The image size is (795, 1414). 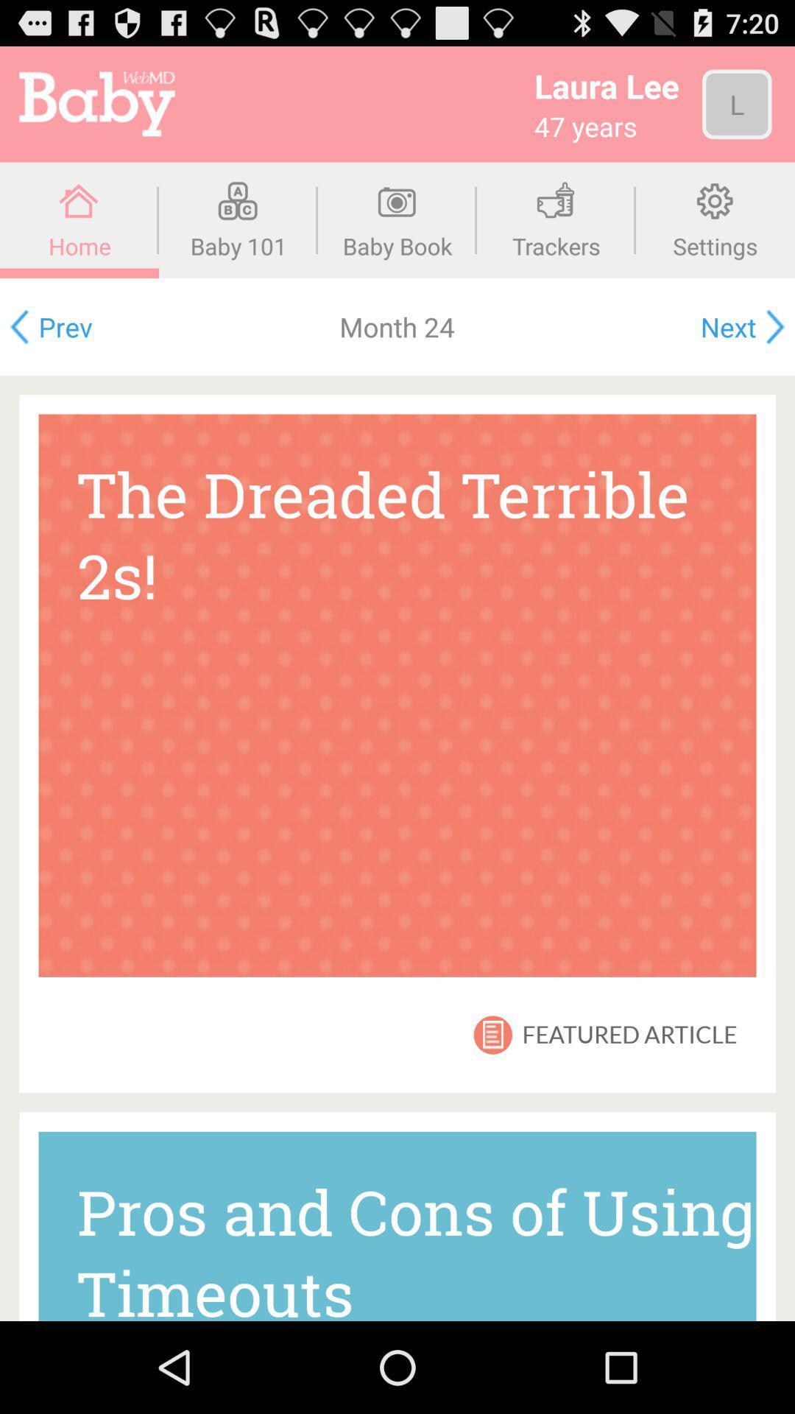 What do you see at coordinates (238, 219) in the screenshot?
I see `baby 101` at bounding box center [238, 219].